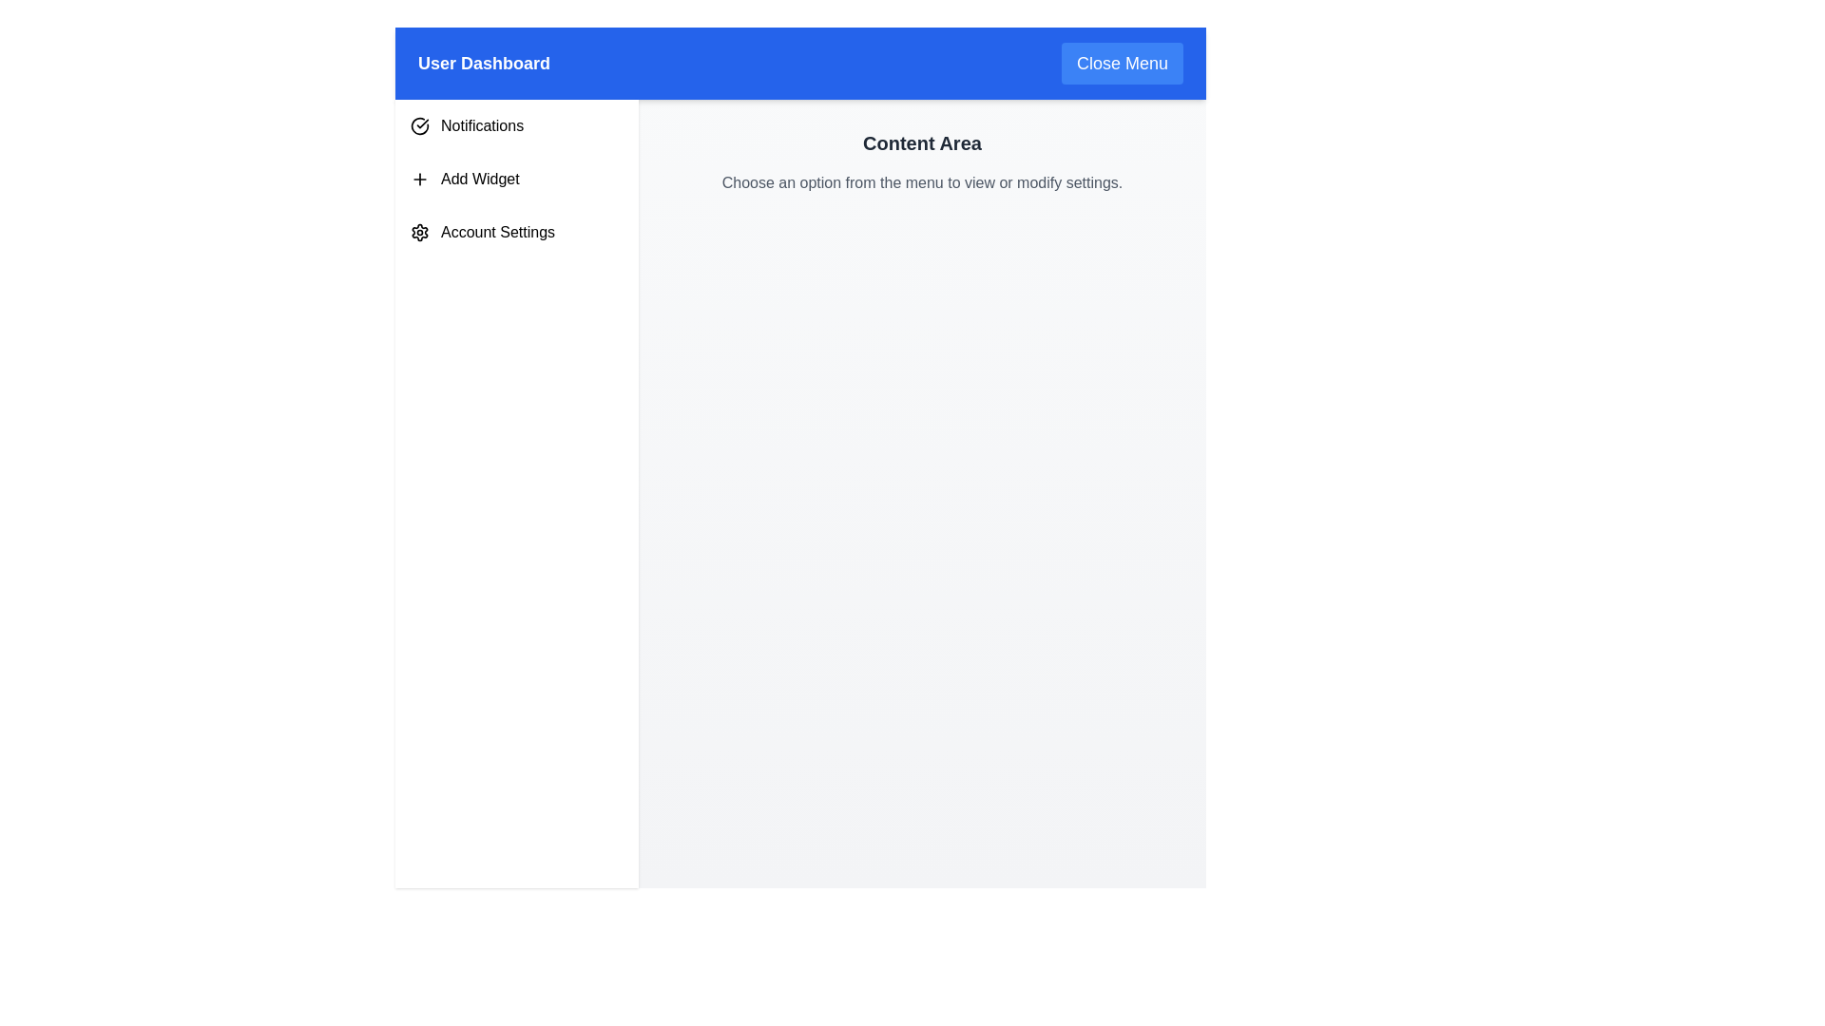 The width and height of the screenshot is (1825, 1026). Describe the element at coordinates (480, 180) in the screenshot. I see `the text label 'Add Widget' in the vertical navigation bar, which is positioned to the right of the '+' icon and below 'Notifications'` at that location.